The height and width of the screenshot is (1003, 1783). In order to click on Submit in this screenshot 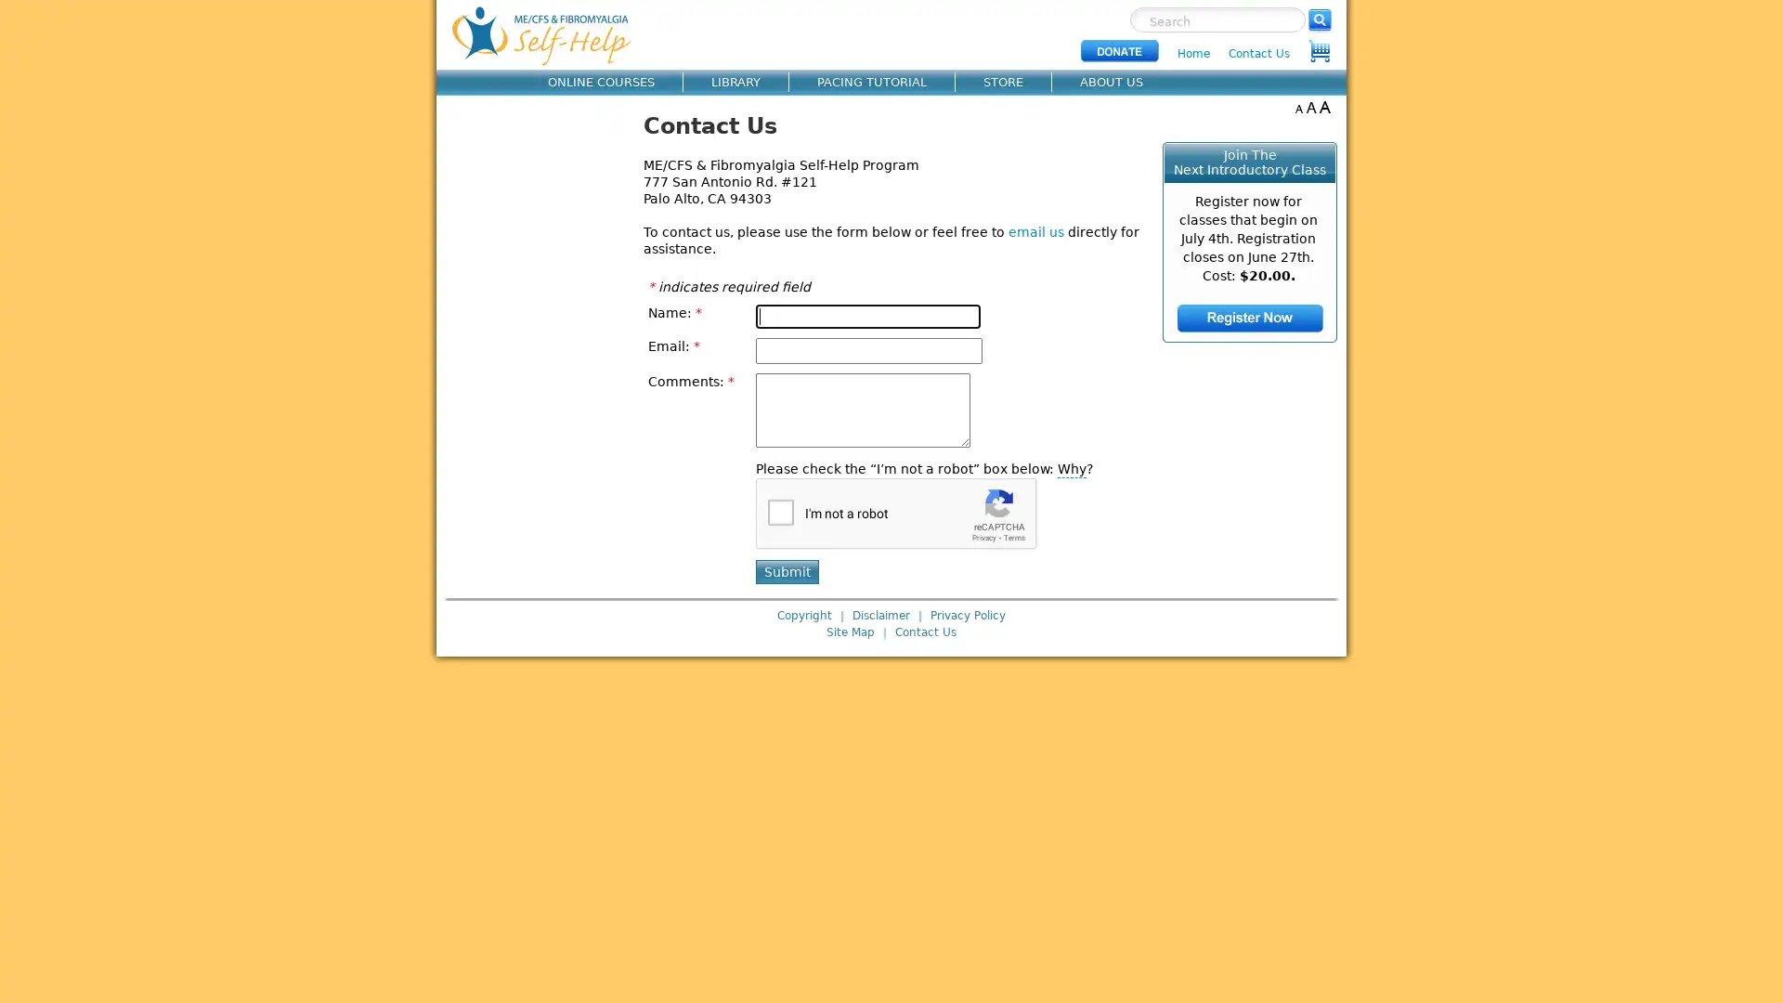, I will do `click(786, 571)`.